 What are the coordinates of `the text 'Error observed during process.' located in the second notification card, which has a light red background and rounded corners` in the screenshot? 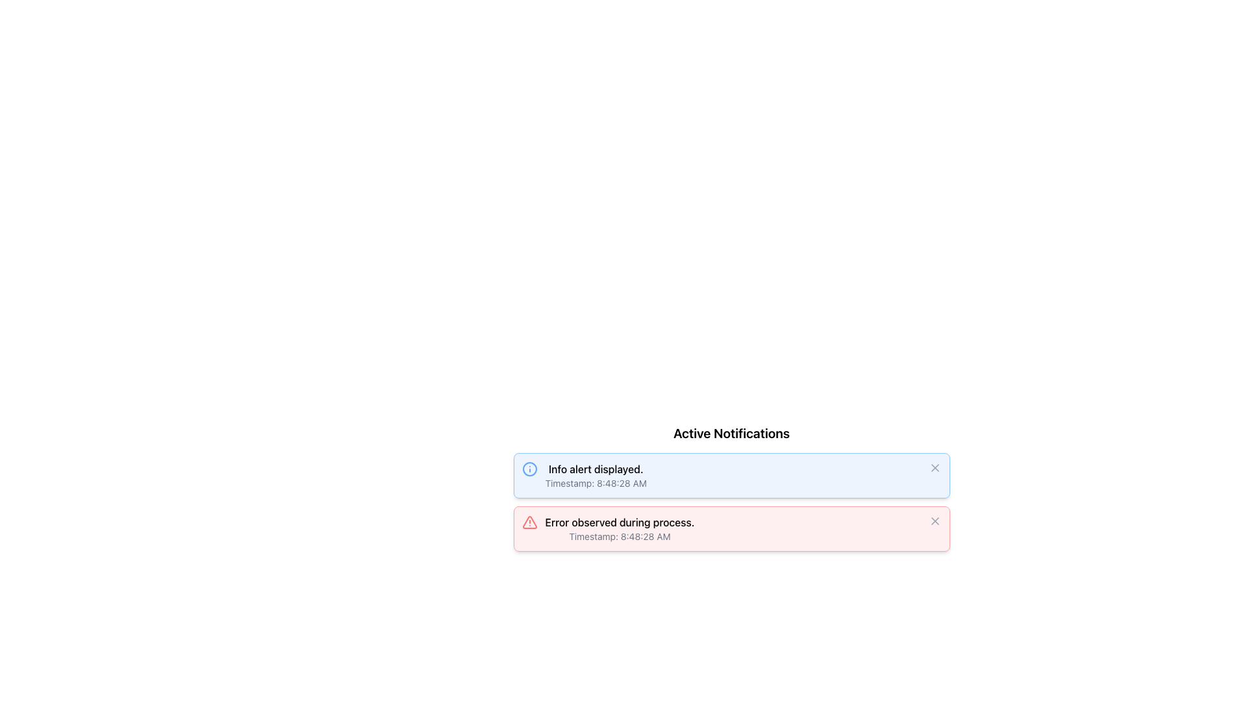 It's located at (619, 528).